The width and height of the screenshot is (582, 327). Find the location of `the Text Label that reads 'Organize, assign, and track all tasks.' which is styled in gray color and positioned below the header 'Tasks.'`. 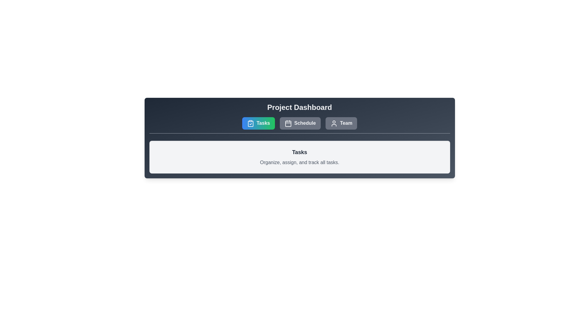

the Text Label that reads 'Organize, assign, and track all tasks.' which is styled in gray color and positioned below the header 'Tasks.' is located at coordinates (299, 162).